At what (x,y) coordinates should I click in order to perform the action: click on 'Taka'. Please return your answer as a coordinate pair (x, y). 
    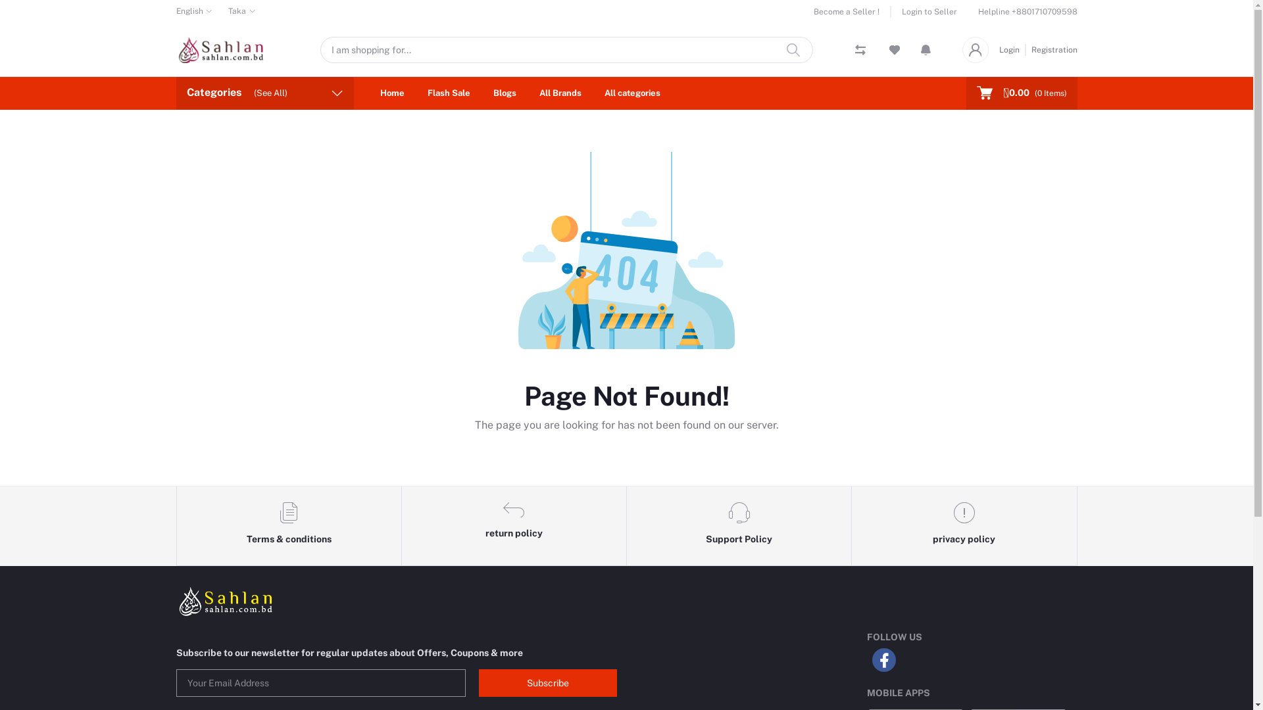
    Looking at the image, I should click on (242, 11).